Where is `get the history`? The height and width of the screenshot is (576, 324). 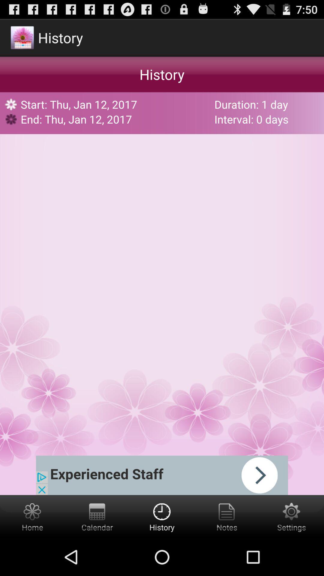
get the history is located at coordinates (162, 516).